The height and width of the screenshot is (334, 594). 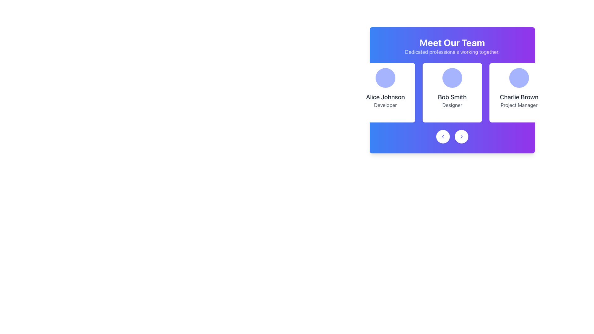 I want to click on the circular light indigo Visual avatar placeholder located at the top center of the profile card titled 'Charlie Brown', which displays the subtitle 'Project Manager', so click(x=519, y=77).